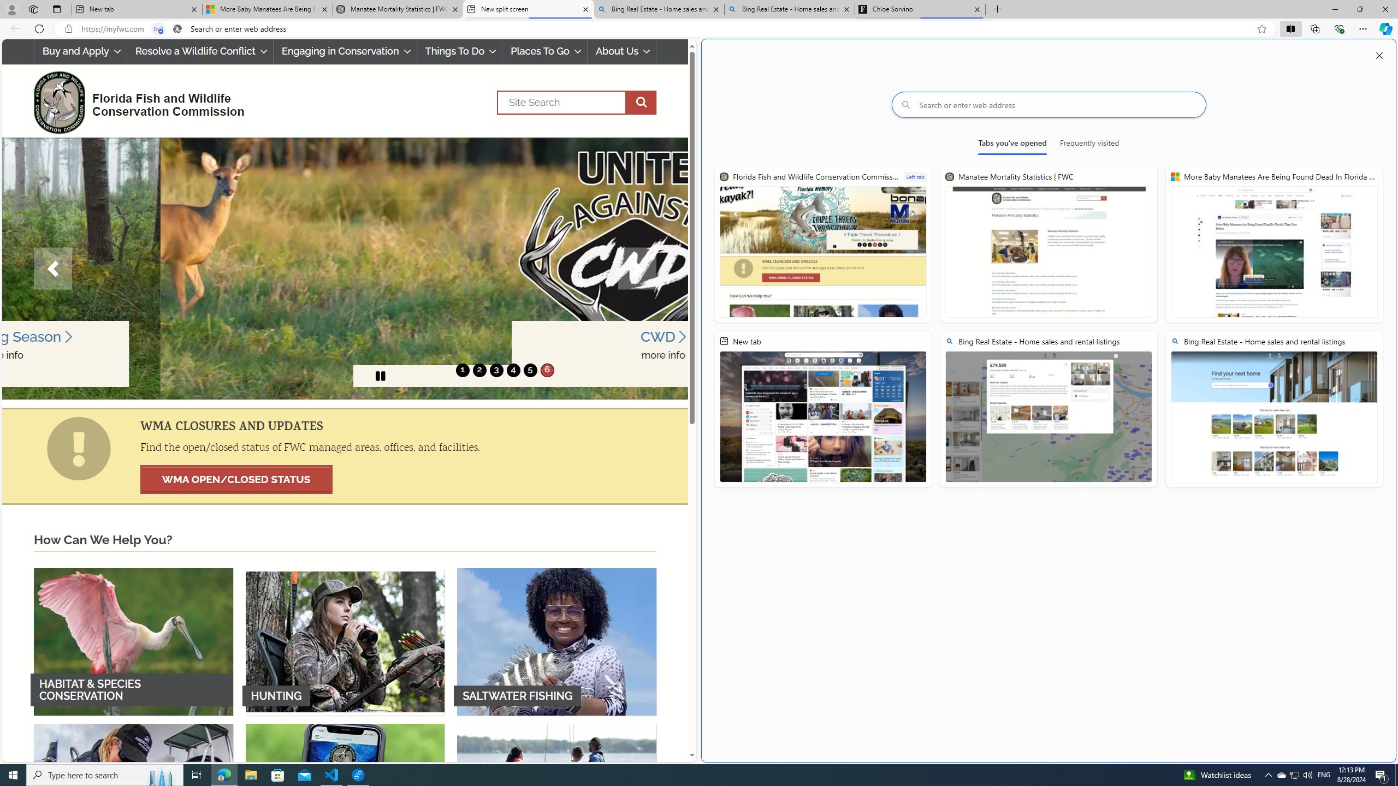  What do you see at coordinates (345, 51) in the screenshot?
I see `'Engaging in Conservation'` at bounding box center [345, 51].